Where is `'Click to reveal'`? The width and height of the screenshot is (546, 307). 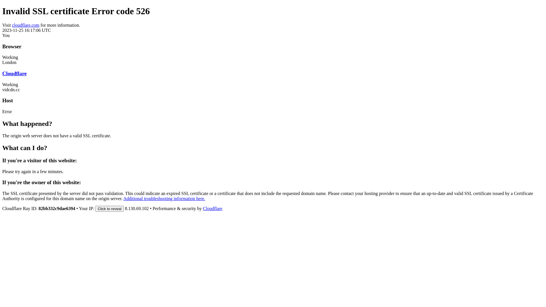 'Click to reveal' is located at coordinates (109, 209).